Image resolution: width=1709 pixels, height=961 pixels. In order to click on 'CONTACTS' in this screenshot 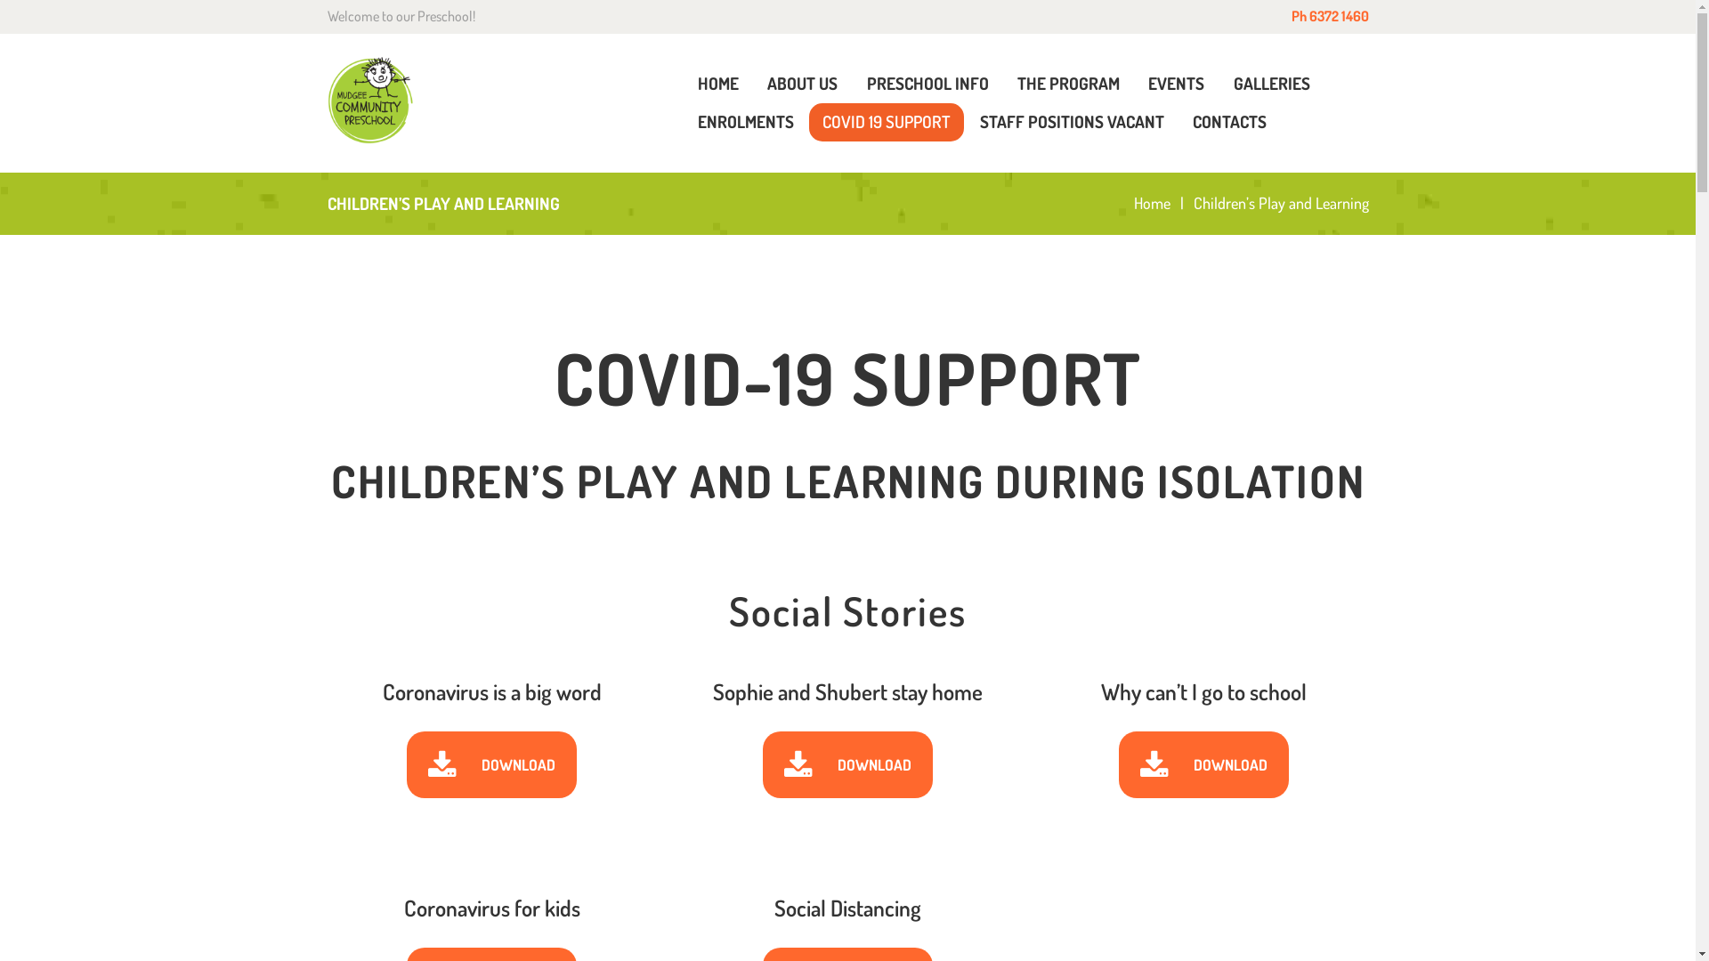, I will do `click(1178, 121)`.